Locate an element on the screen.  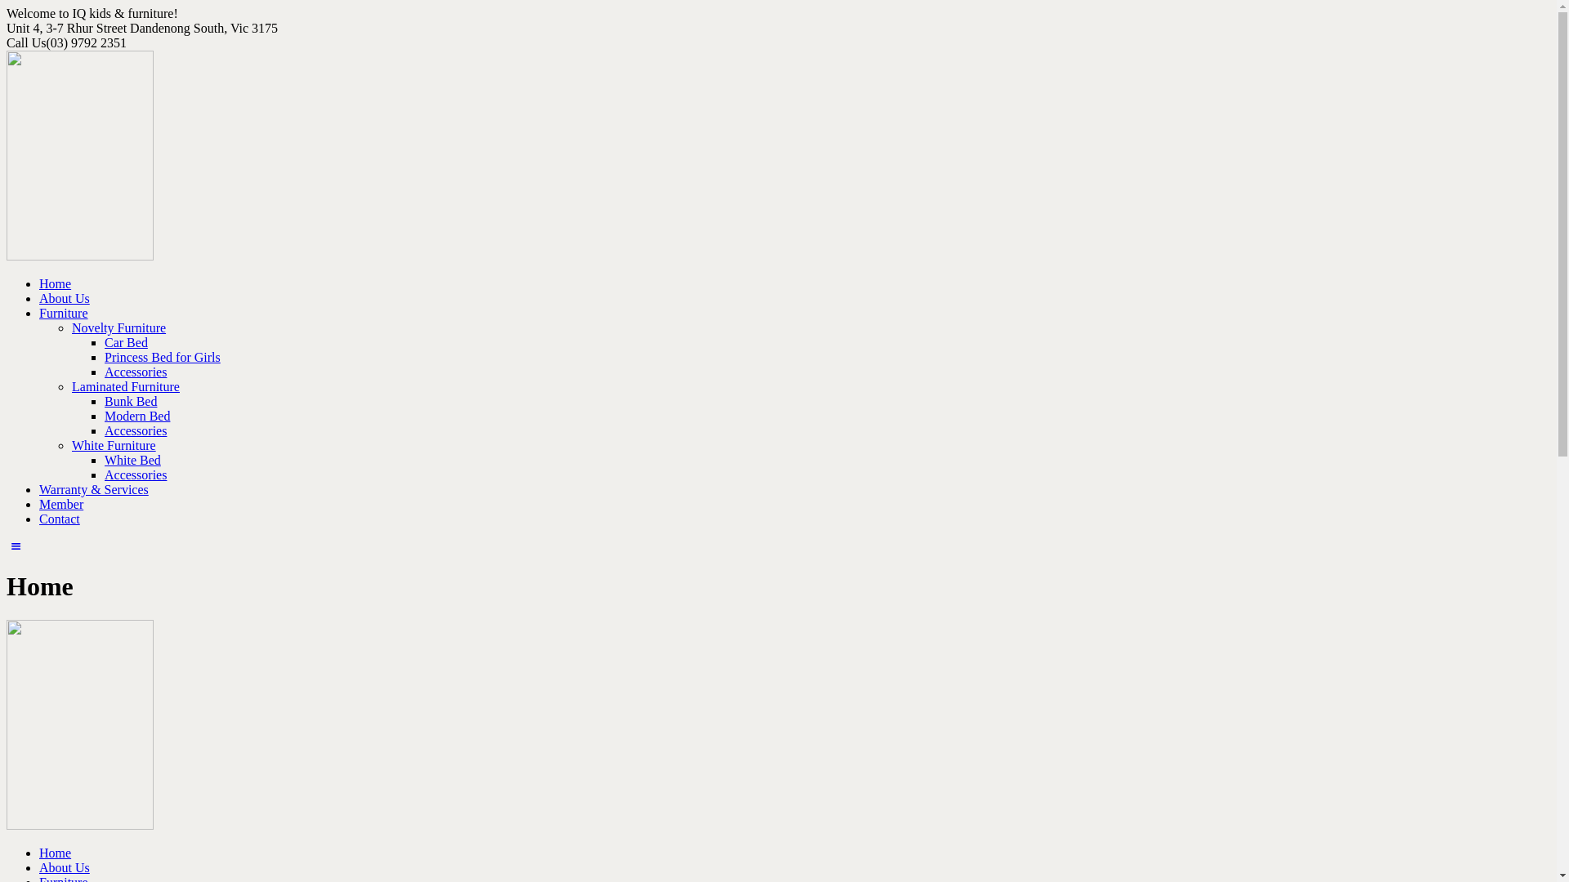
'About Us' is located at coordinates (64, 866).